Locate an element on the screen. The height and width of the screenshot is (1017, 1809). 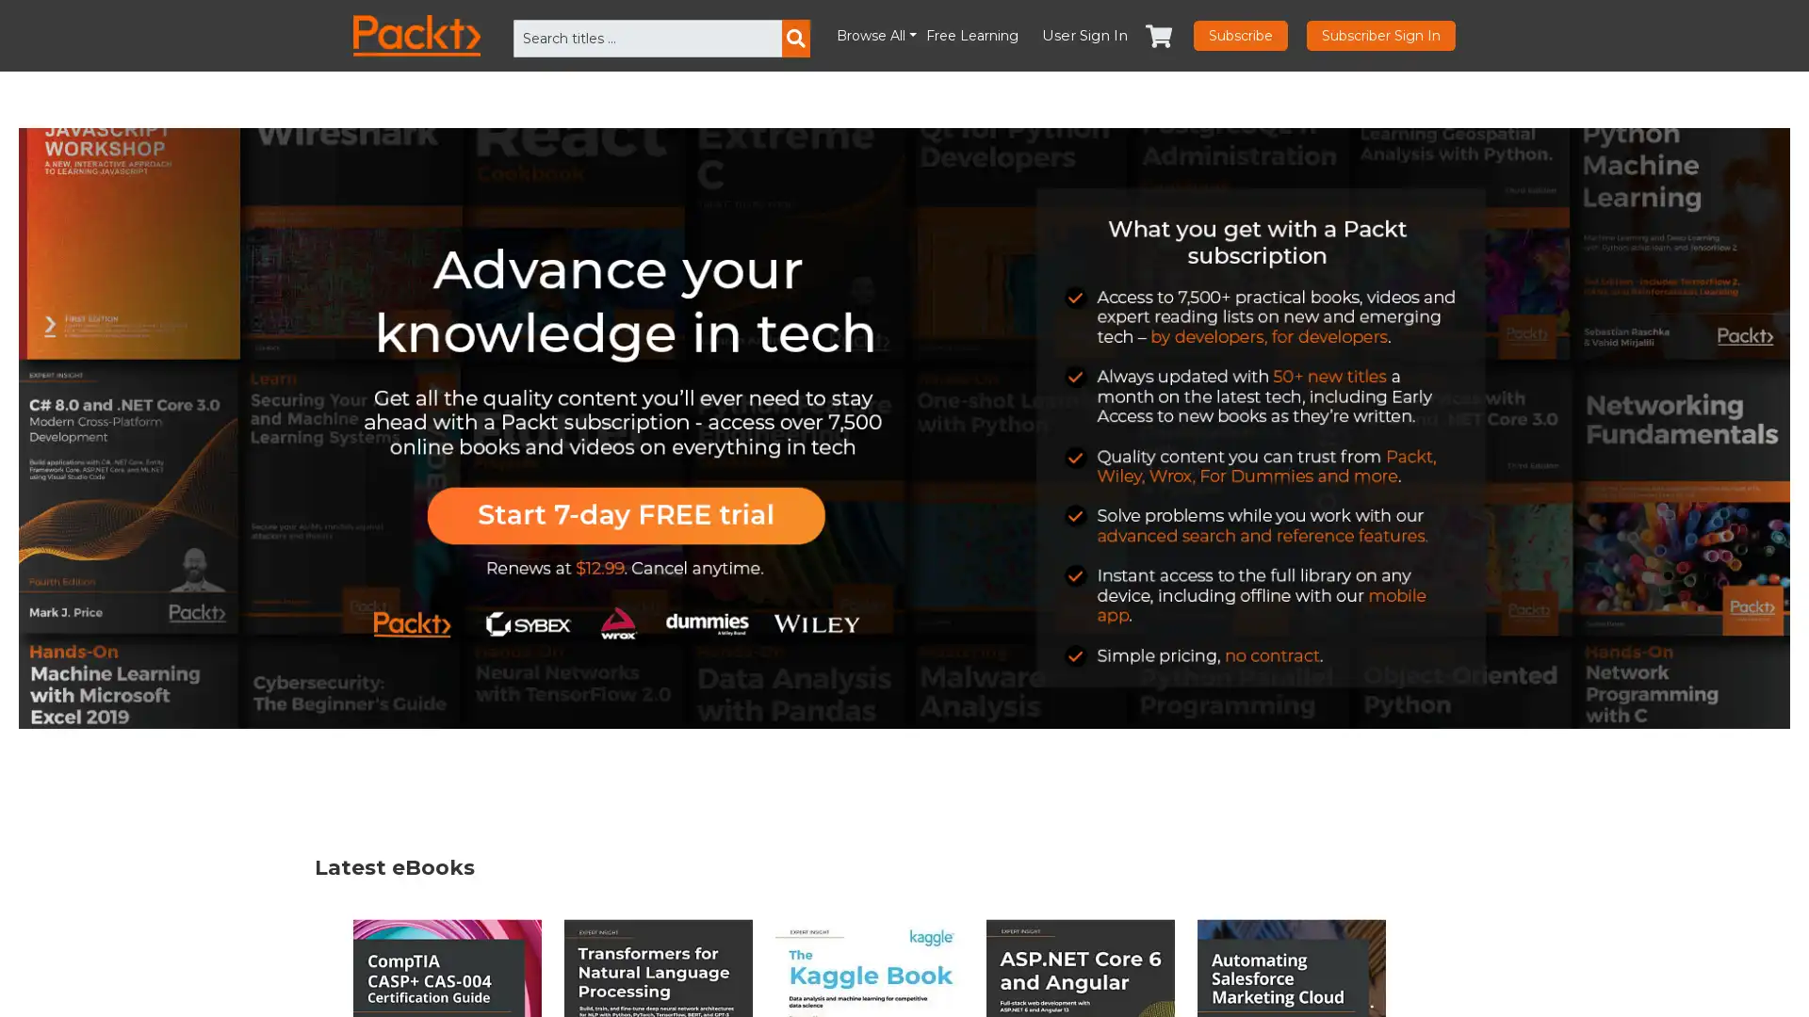
More Info is located at coordinates (1540, 977).